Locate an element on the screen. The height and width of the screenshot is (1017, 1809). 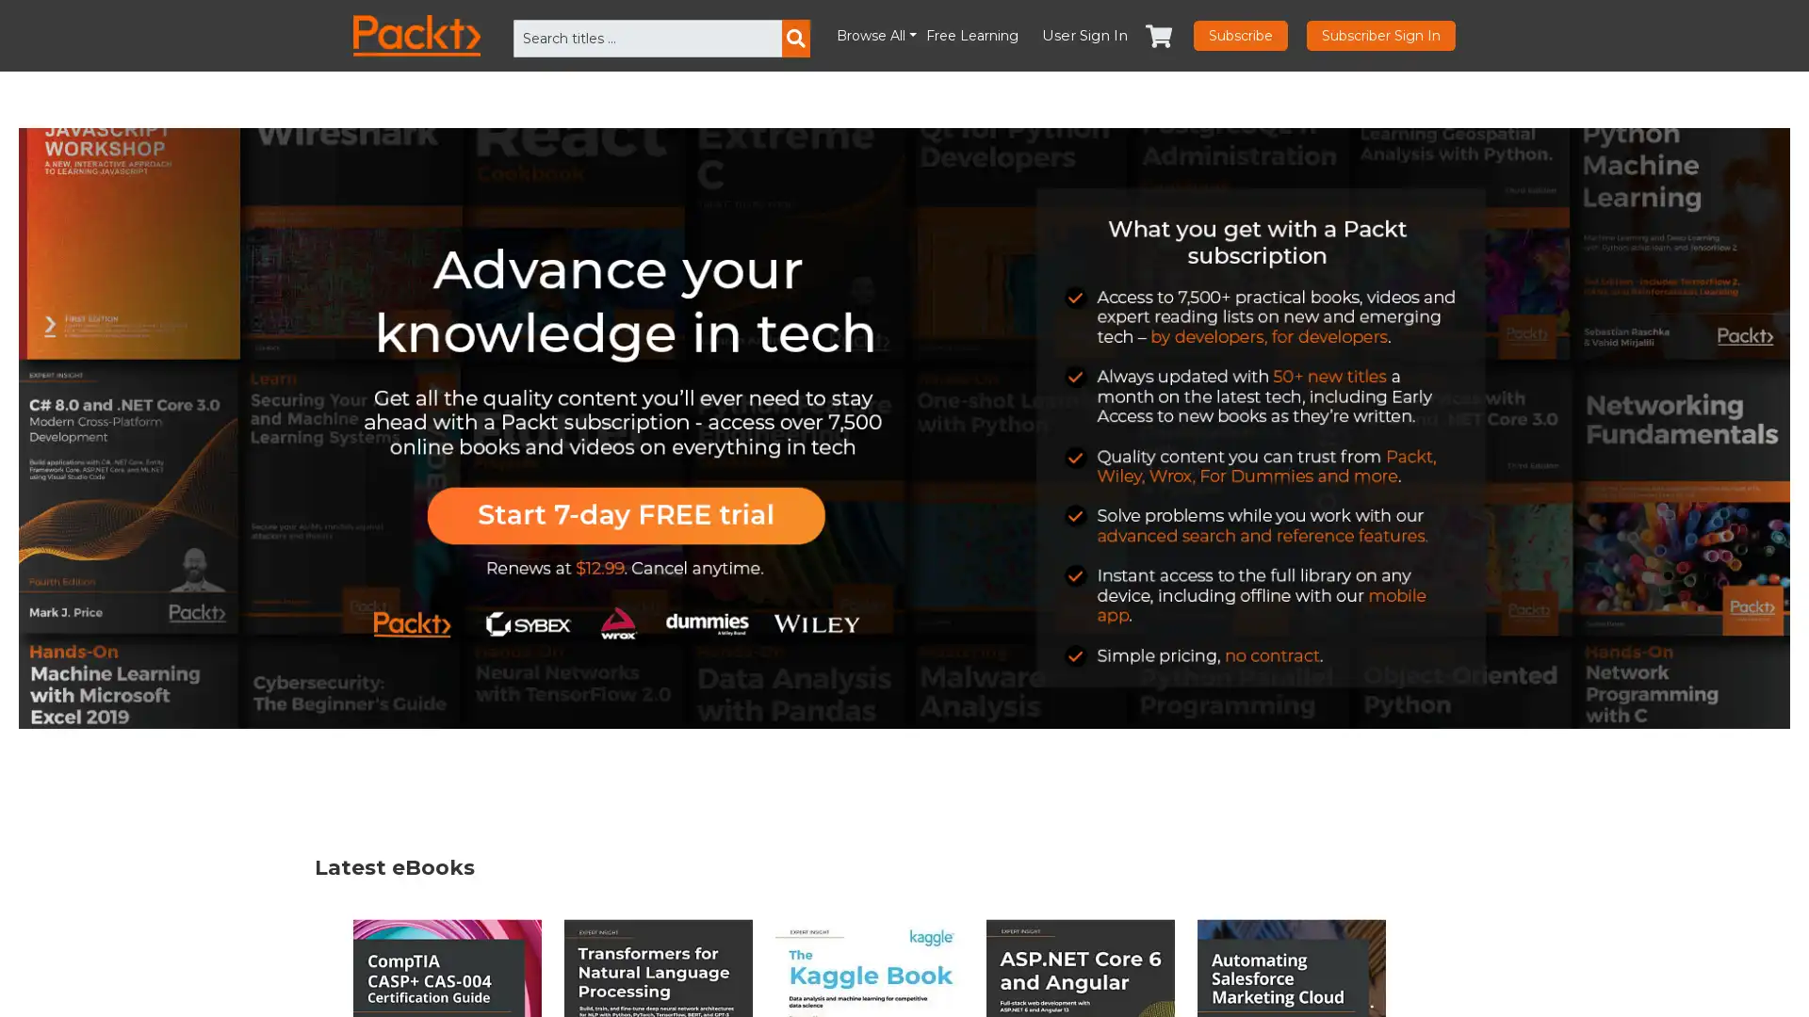
More Info is located at coordinates (1540, 977).